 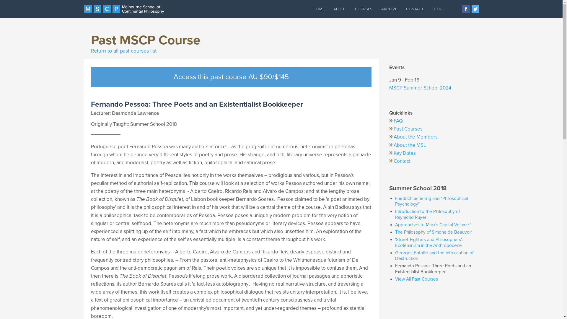 I want to click on 'ABOUT', so click(x=340, y=9).